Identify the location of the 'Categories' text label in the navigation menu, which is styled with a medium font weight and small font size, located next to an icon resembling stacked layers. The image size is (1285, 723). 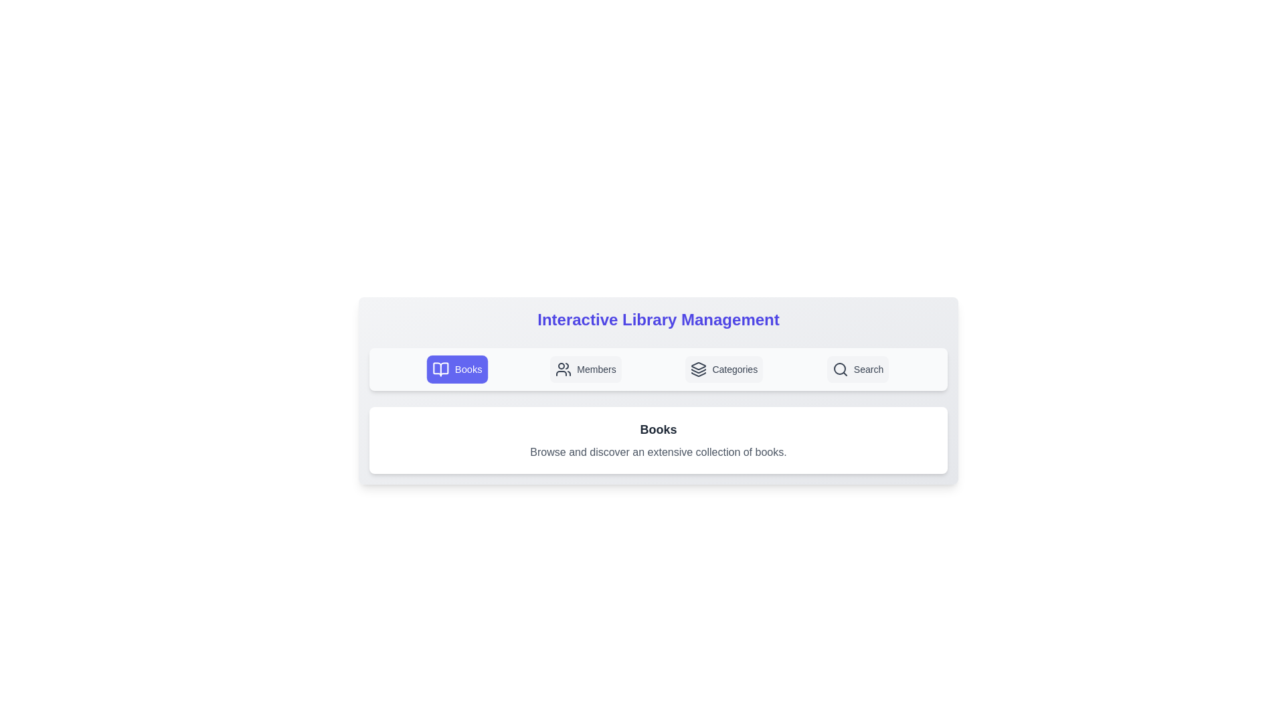
(734, 369).